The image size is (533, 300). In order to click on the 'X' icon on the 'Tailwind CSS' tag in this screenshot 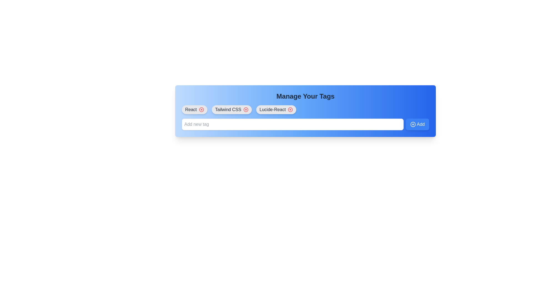, I will do `click(232, 109)`.